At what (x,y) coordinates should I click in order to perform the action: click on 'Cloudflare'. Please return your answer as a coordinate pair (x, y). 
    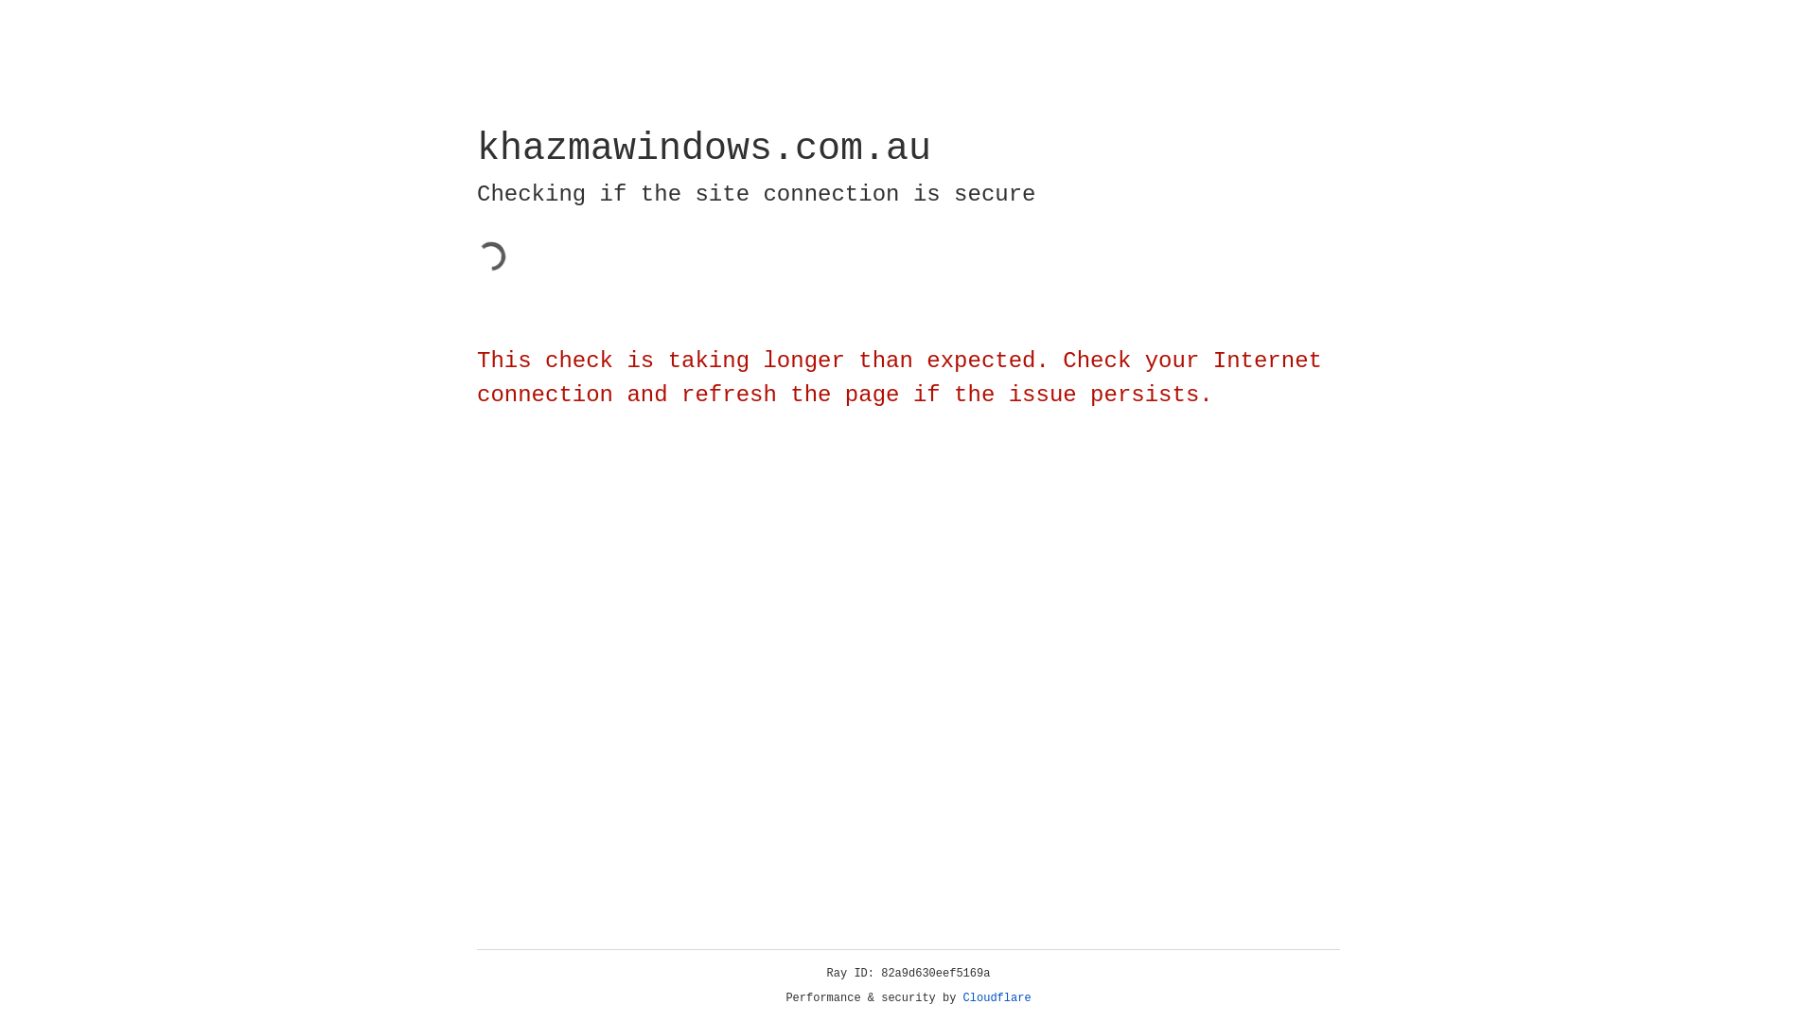
    Looking at the image, I should click on (962, 997).